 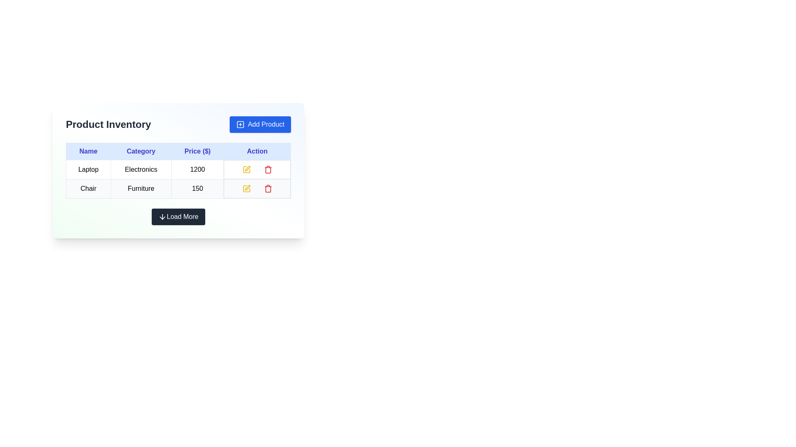 What do you see at coordinates (88, 189) in the screenshot?
I see `the product name label in the second row of the 'Name' column of the 'Product Inventory' table` at bounding box center [88, 189].